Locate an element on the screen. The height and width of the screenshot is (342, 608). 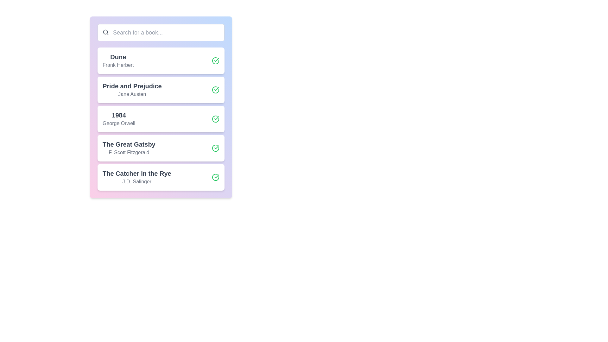
text of the fourth card in the list, which displays the title 'The Great Gatsby' is located at coordinates (129, 144).